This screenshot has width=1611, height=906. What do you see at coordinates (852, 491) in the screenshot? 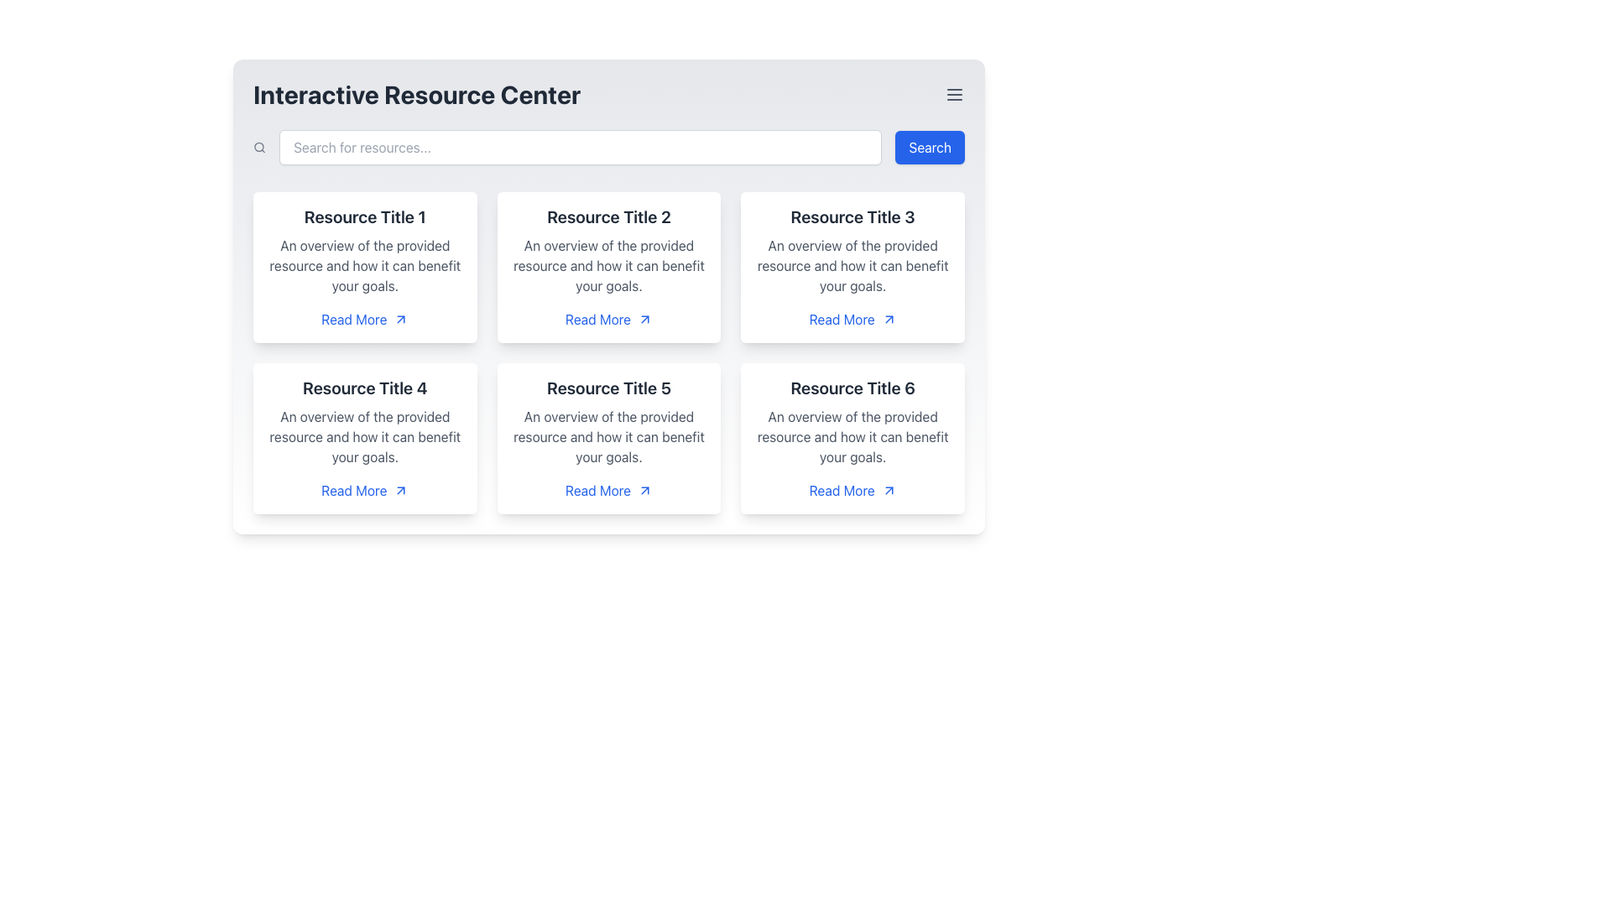
I see `the blue text link labeled 'Read More' with an upward arrow icon` at bounding box center [852, 491].